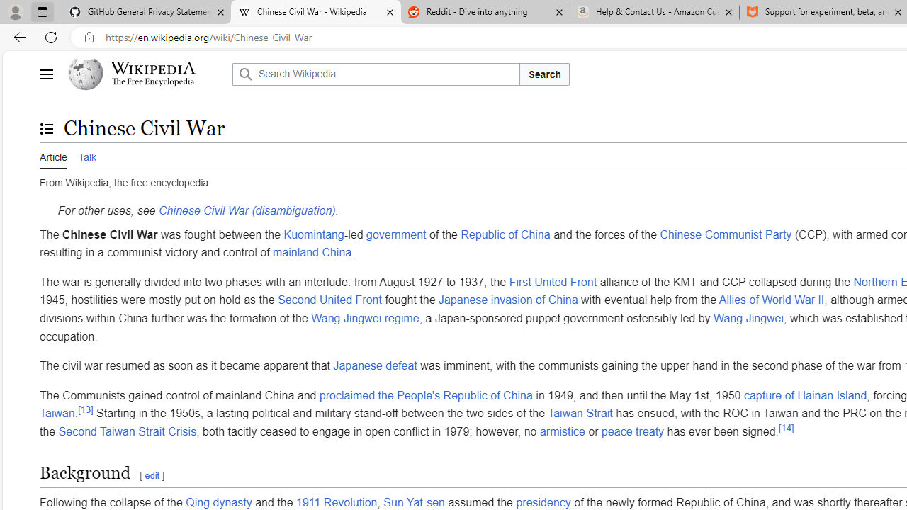 The image size is (907, 510). What do you see at coordinates (315, 12) in the screenshot?
I see `'Chinese Civil War - Wikipedia'` at bounding box center [315, 12].